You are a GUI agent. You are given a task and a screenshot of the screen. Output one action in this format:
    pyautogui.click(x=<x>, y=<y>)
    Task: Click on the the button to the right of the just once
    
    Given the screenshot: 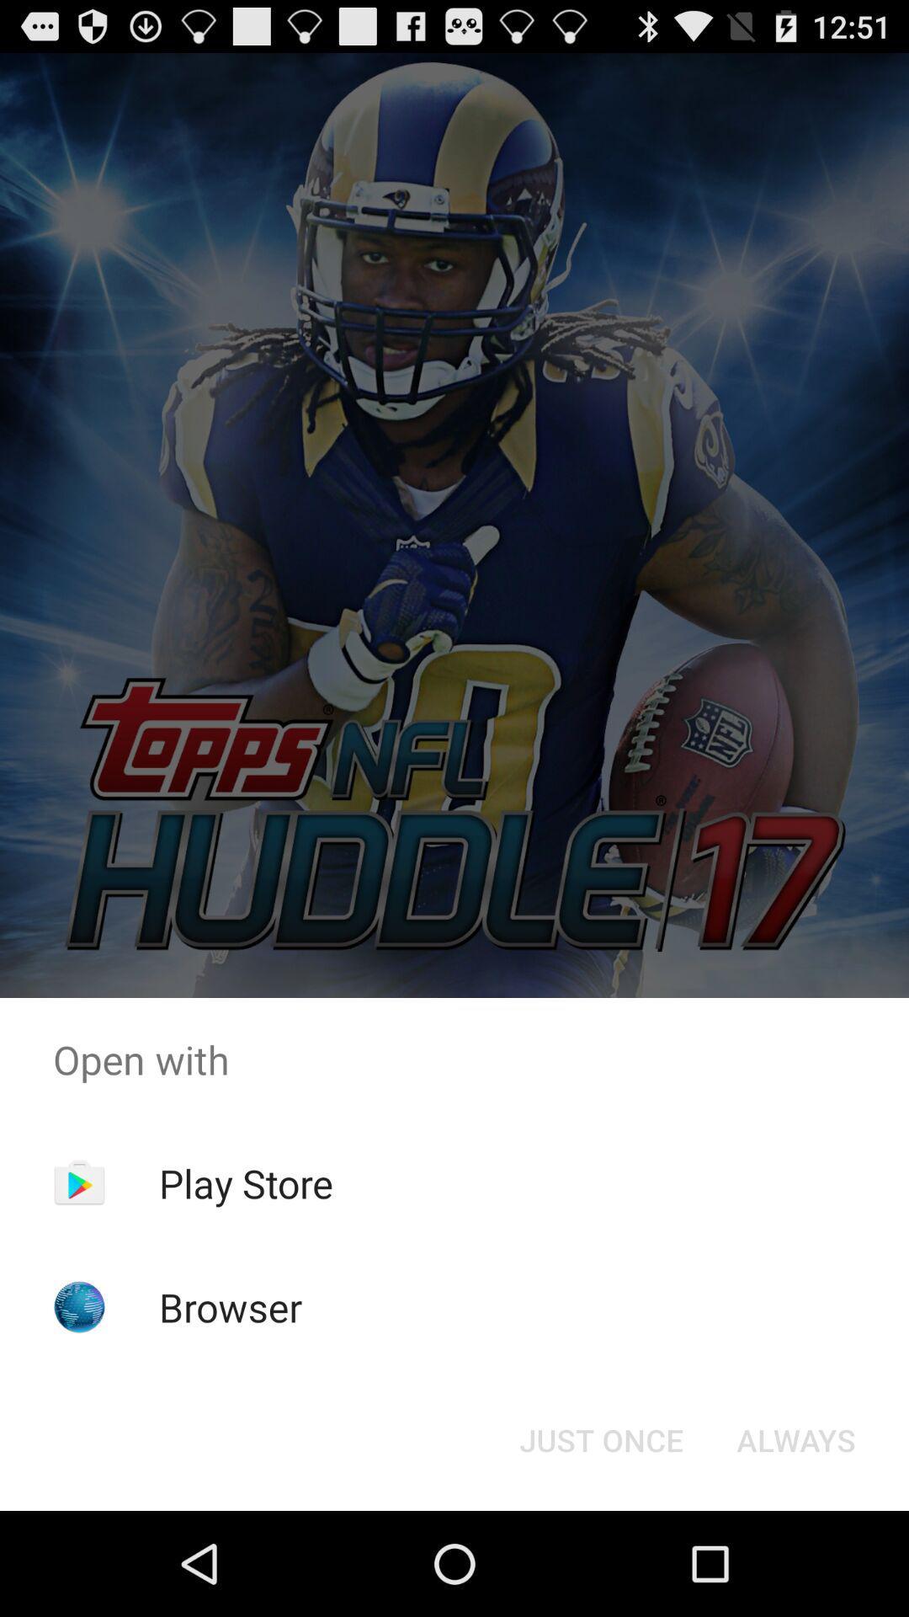 What is the action you would take?
    pyautogui.click(x=795, y=1438)
    